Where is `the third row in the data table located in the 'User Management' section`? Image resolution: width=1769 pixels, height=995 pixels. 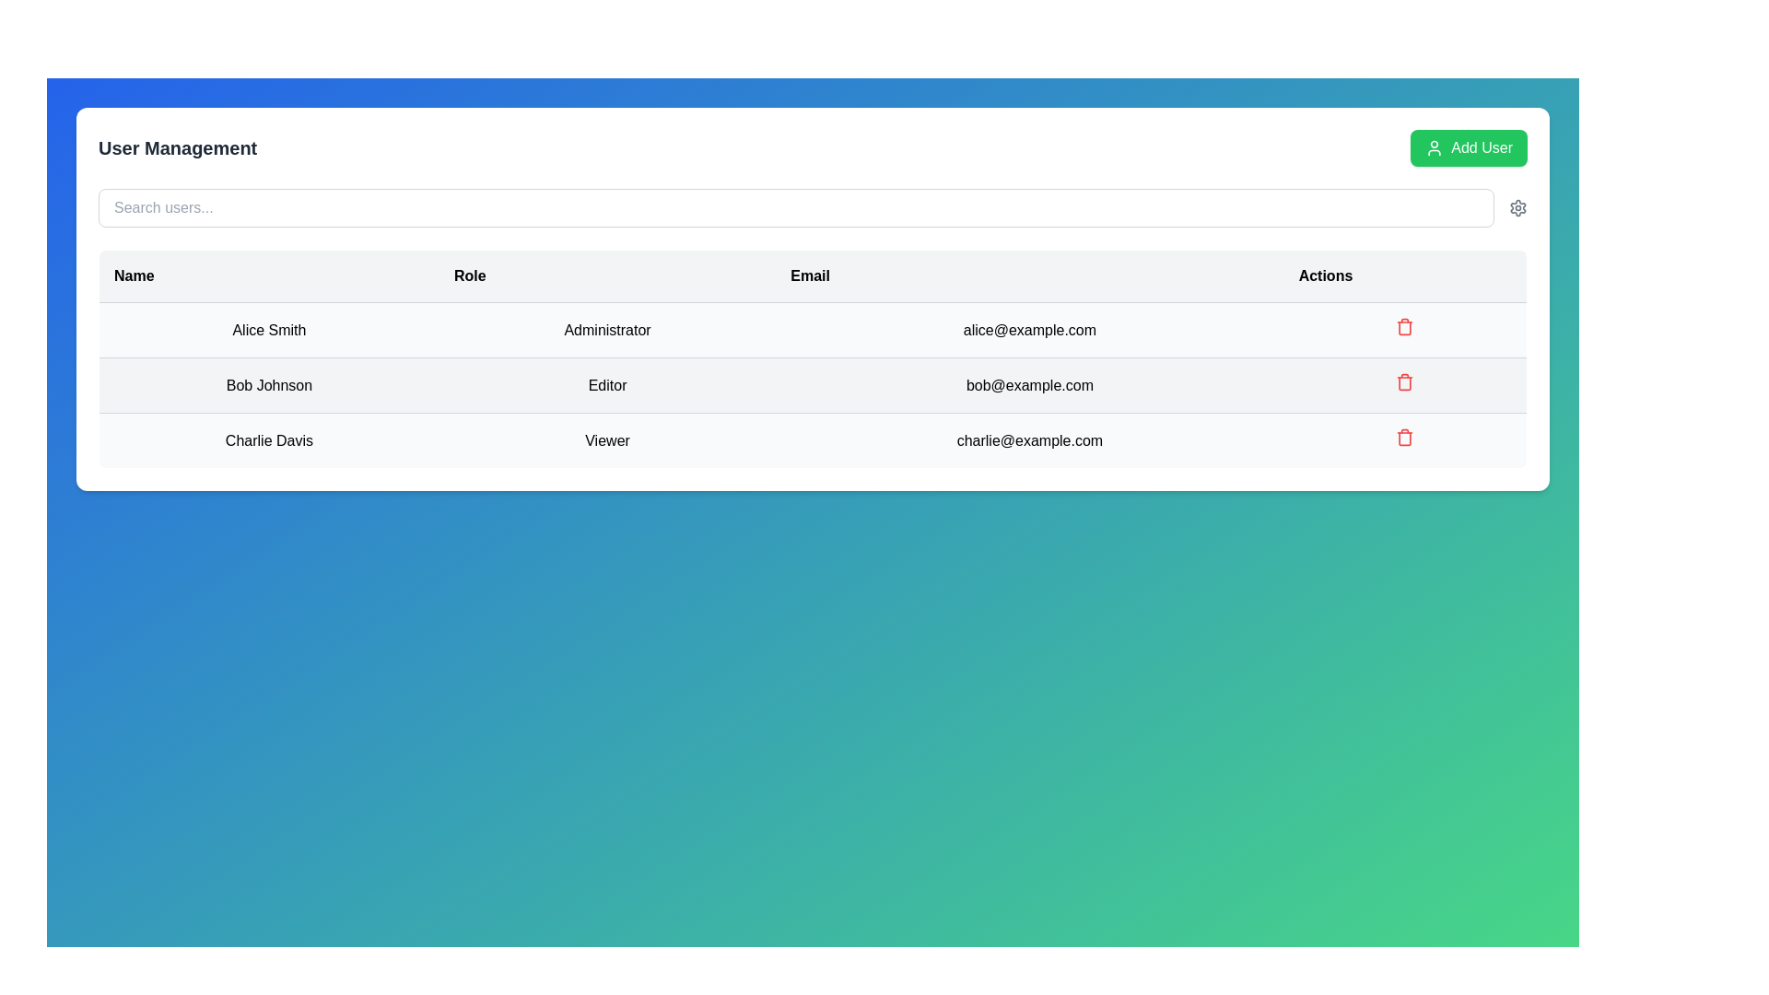
the third row in the data table located in the 'User Management' section is located at coordinates (812, 440).